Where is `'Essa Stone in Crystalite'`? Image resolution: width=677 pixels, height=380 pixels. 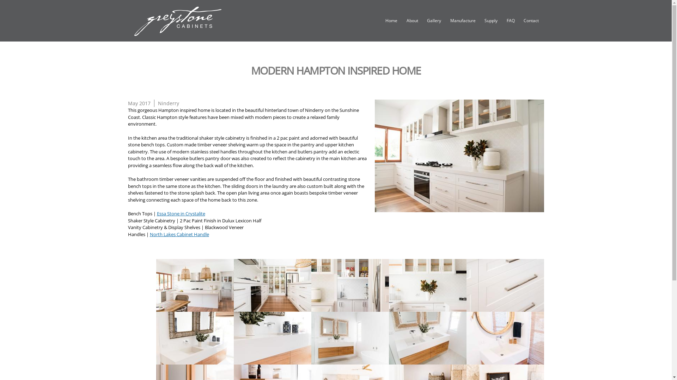 'Essa Stone in Crystalite' is located at coordinates (181, 213).